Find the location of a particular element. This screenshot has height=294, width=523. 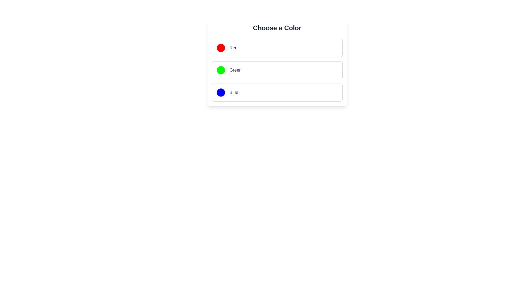

the text label that indicates the associated color option, located to the right of the green circular icon in the second choice box of color options is located at coordinates (235, 70).